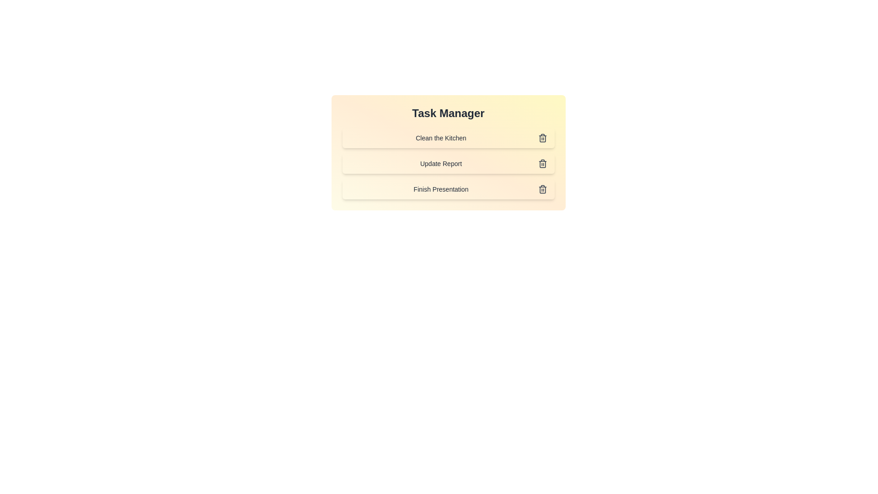 The image size is (878, 494). What do you see at coordinates (542, 138) in the screenshot?
I see `the trash icon next to the task labeled Clean the Kitchen to remove it` at bounding box center [542, 138].